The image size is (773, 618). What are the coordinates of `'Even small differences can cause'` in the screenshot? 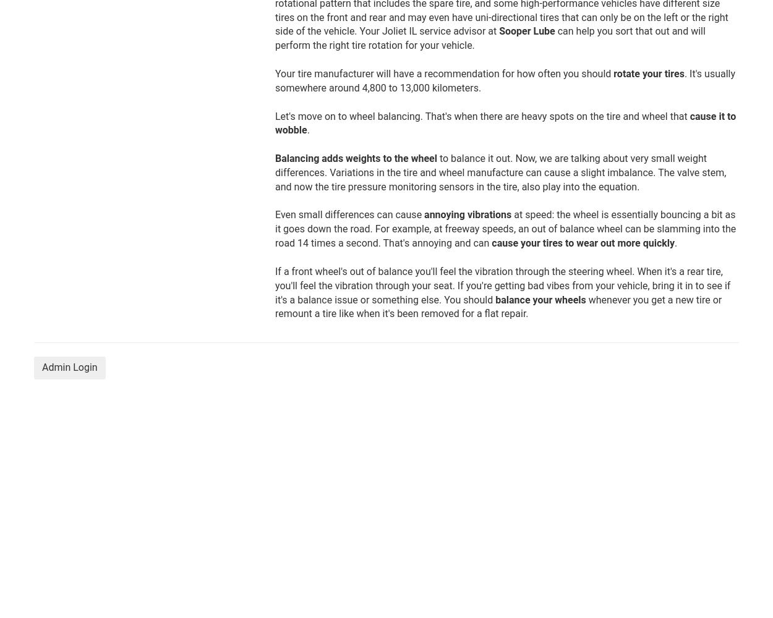 It's located at (275, 214).